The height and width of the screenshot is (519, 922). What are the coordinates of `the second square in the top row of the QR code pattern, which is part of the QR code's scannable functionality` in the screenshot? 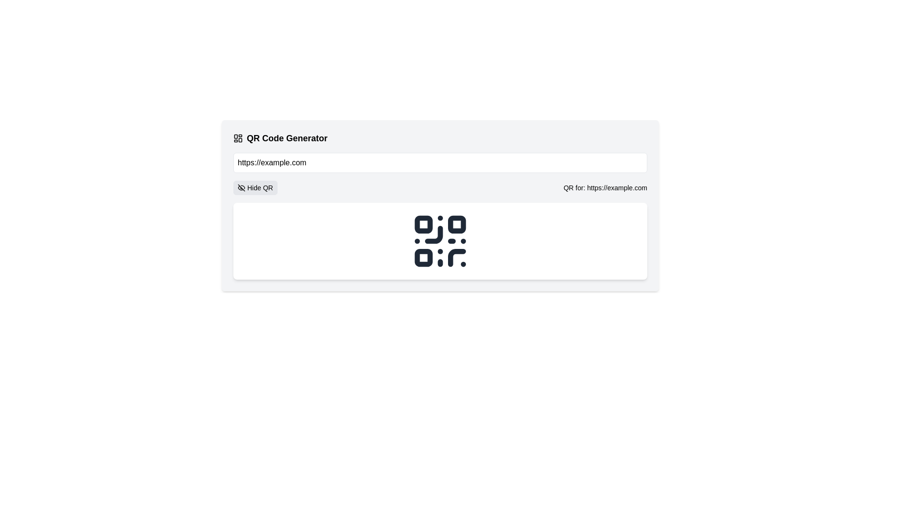 It's located at (456, 224).